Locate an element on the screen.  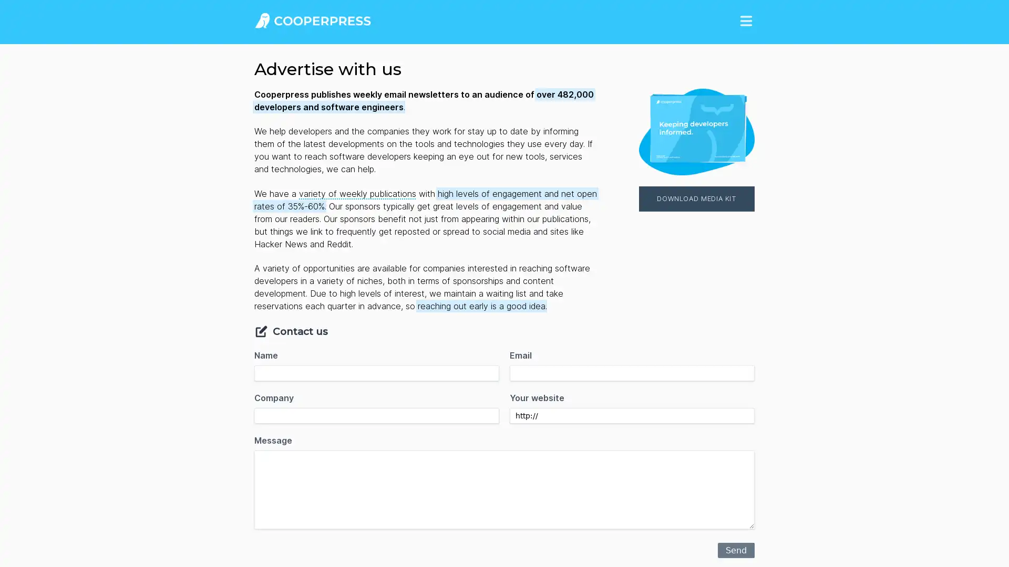
Send is located at coordinates (736, 549).